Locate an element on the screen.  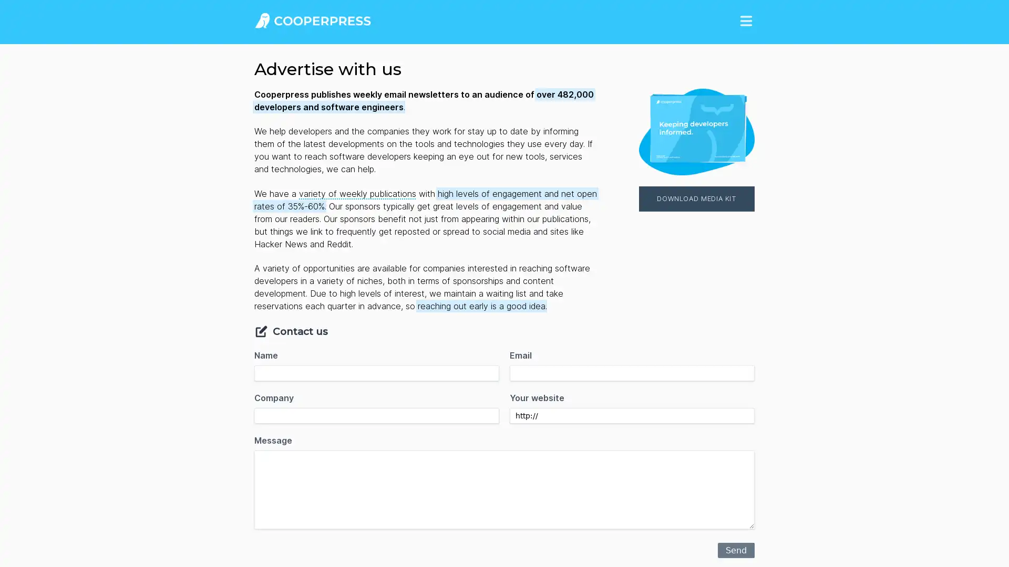
Send is located at coordinates (736, 549).